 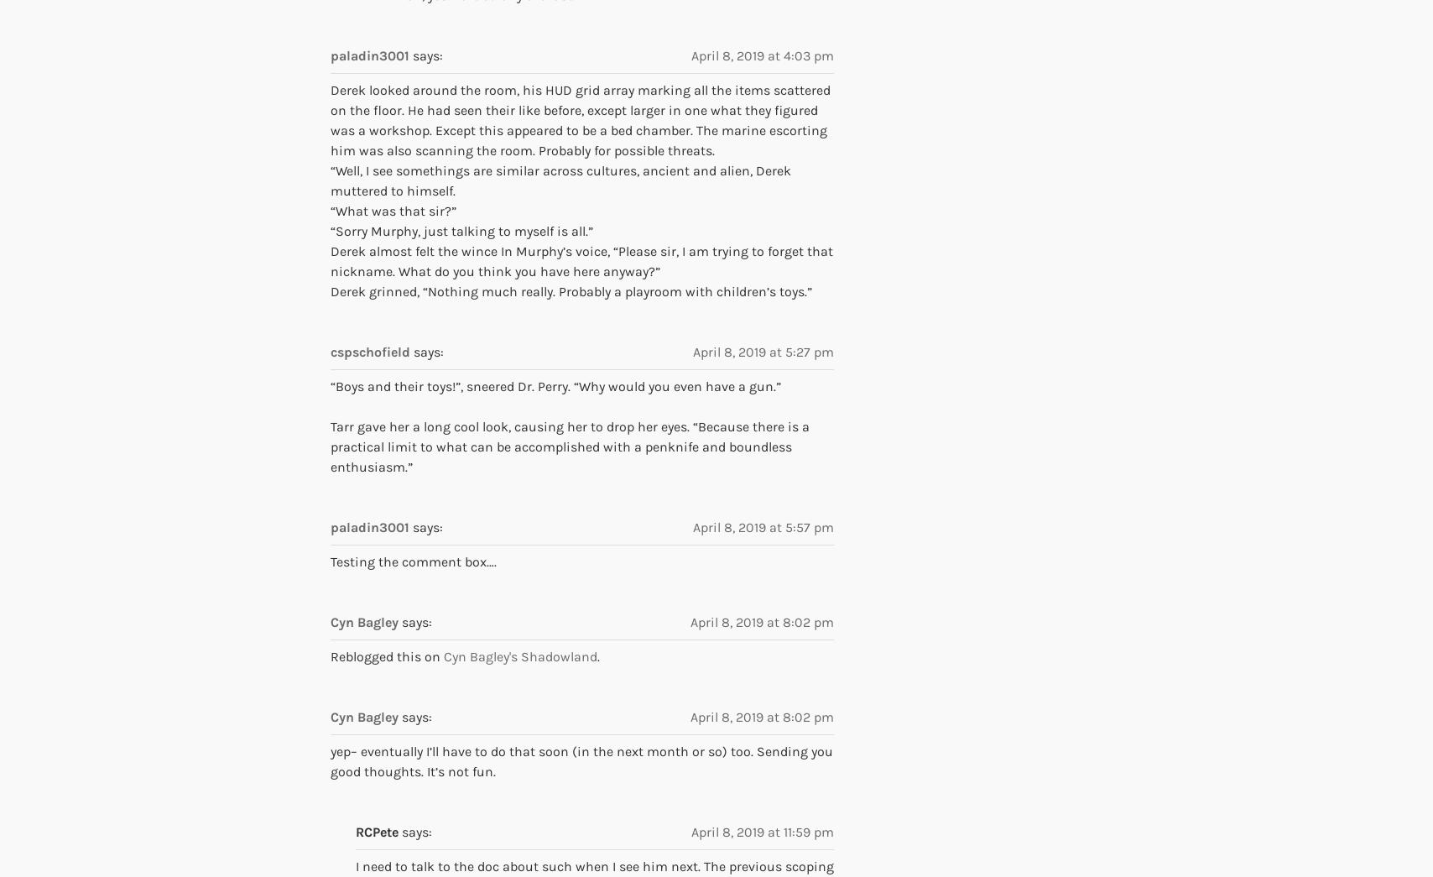 What do you see at coordinates (370, 351) in the screenshot?
I see `'cspschofield'` at bounding box center [370, 351].